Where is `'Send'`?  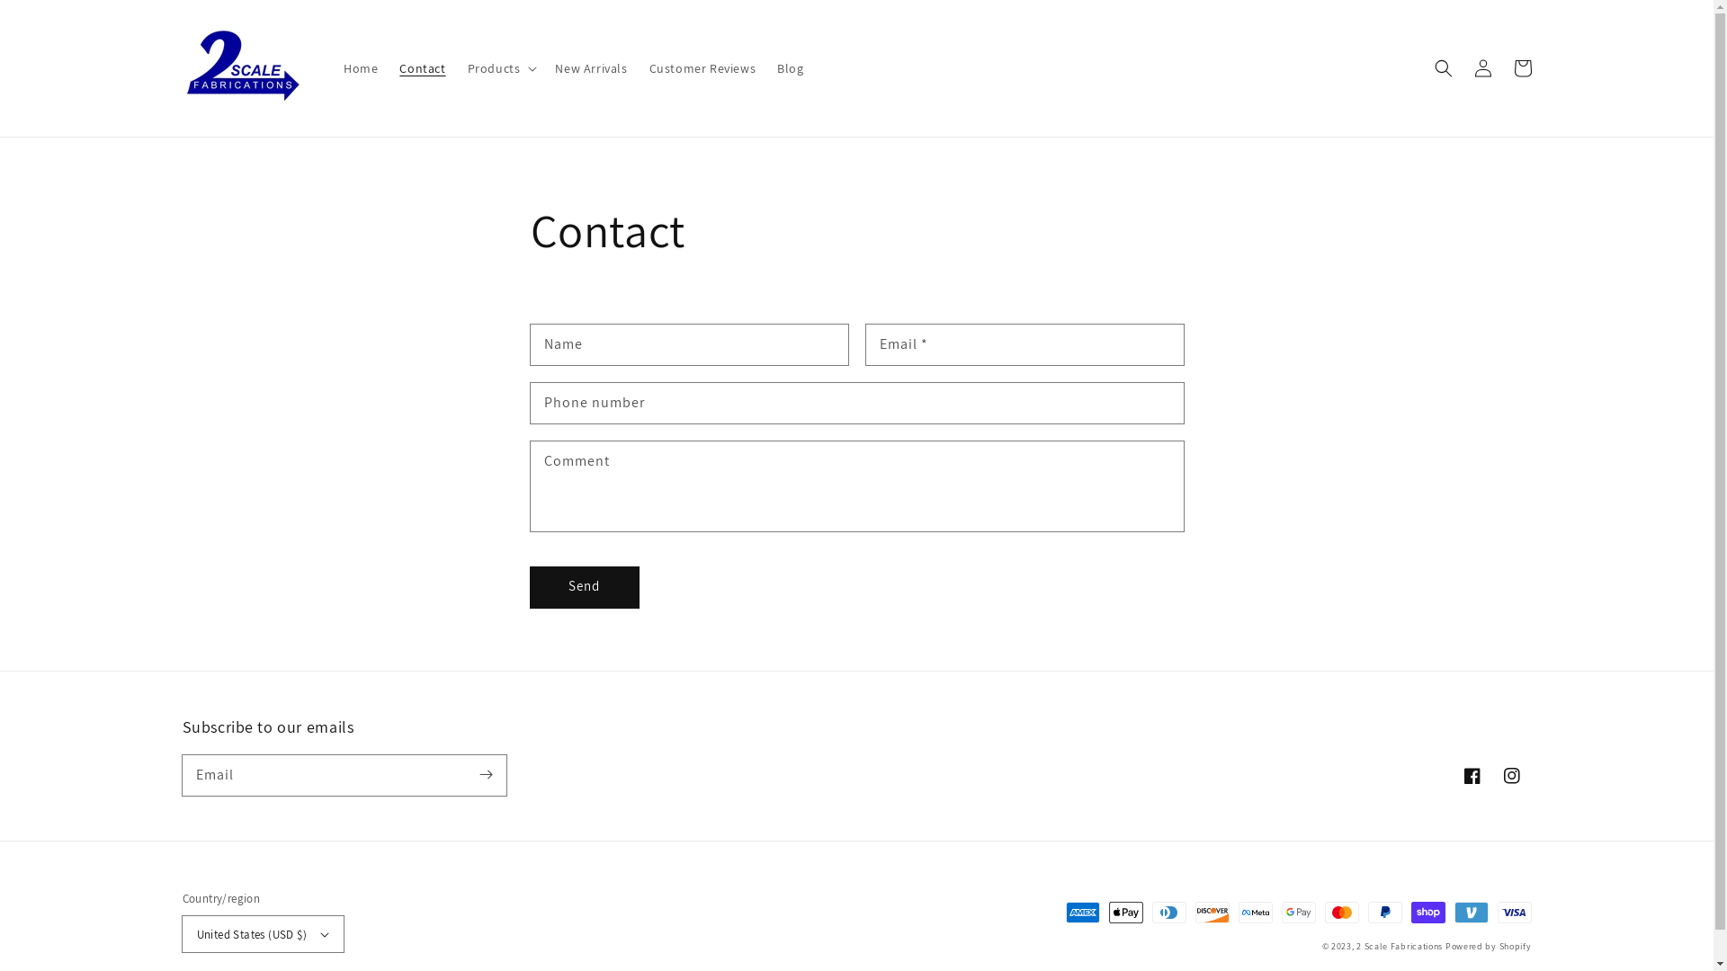 'Send' is located at coordinates (584, 587).